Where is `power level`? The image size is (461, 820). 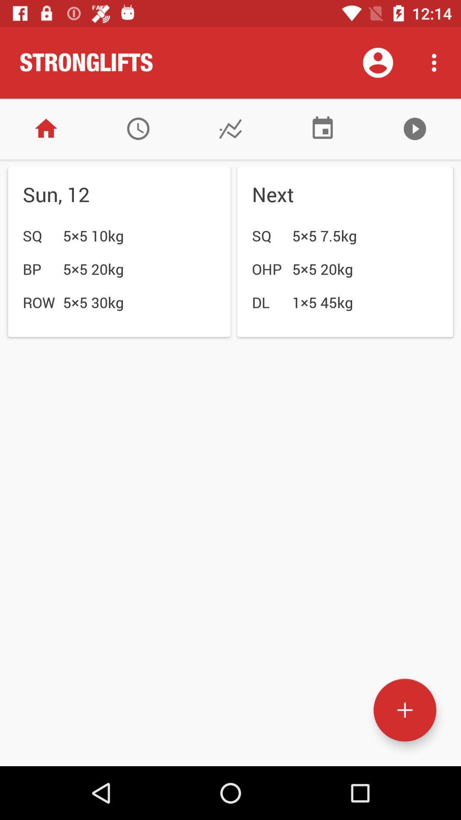
power level is located at coordinates (323, 128).